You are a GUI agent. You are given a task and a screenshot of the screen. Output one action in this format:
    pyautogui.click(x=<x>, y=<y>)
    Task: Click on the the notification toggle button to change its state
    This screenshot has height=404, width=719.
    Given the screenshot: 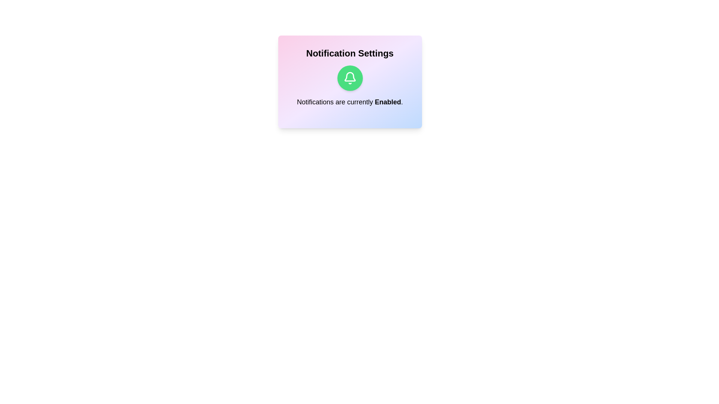 What is the action you would take?
    pyautogui.click(x=349, y=78)
    